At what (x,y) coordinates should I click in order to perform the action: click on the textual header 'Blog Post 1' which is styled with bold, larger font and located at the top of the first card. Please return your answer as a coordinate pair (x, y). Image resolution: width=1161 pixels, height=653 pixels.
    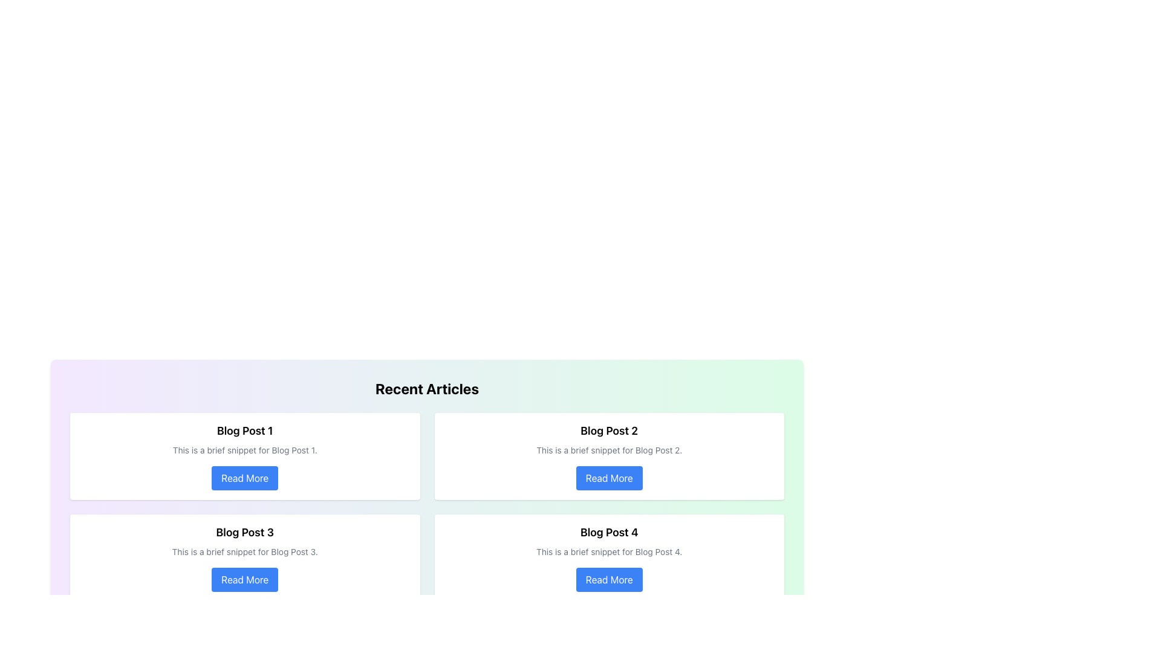
    Looking at the image, I should click on (244, 430).